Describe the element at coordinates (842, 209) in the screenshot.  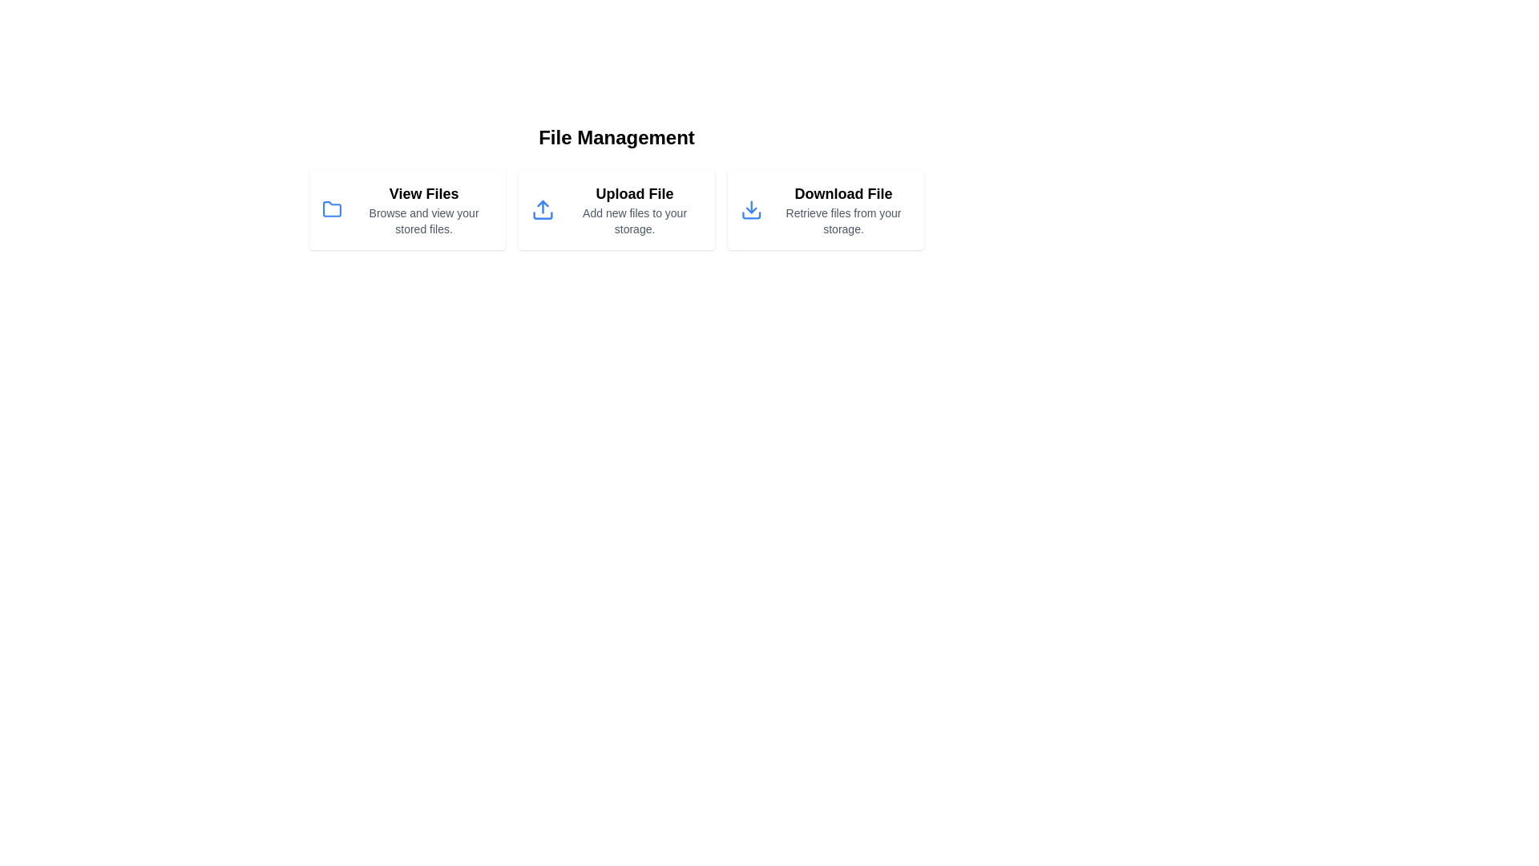
I see `the 'Download File' text label located in the 'File Management' section to interact with adjacent buttons if present` at that location.